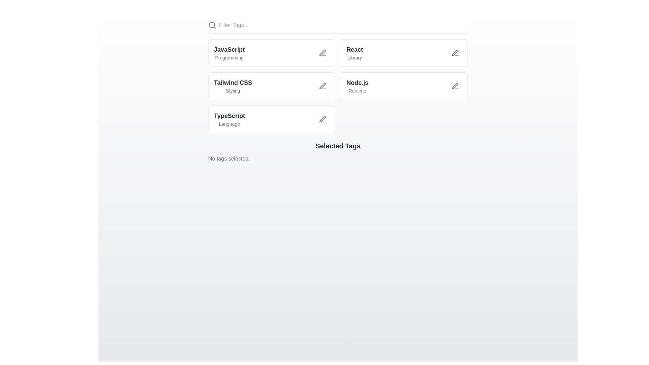  Describe the element at coordinates (354, 57) in the screenshot. I see `the static text label displaying 'Library', which is located beneath the larger label 'React' in the top-right section of the interface` at that location.